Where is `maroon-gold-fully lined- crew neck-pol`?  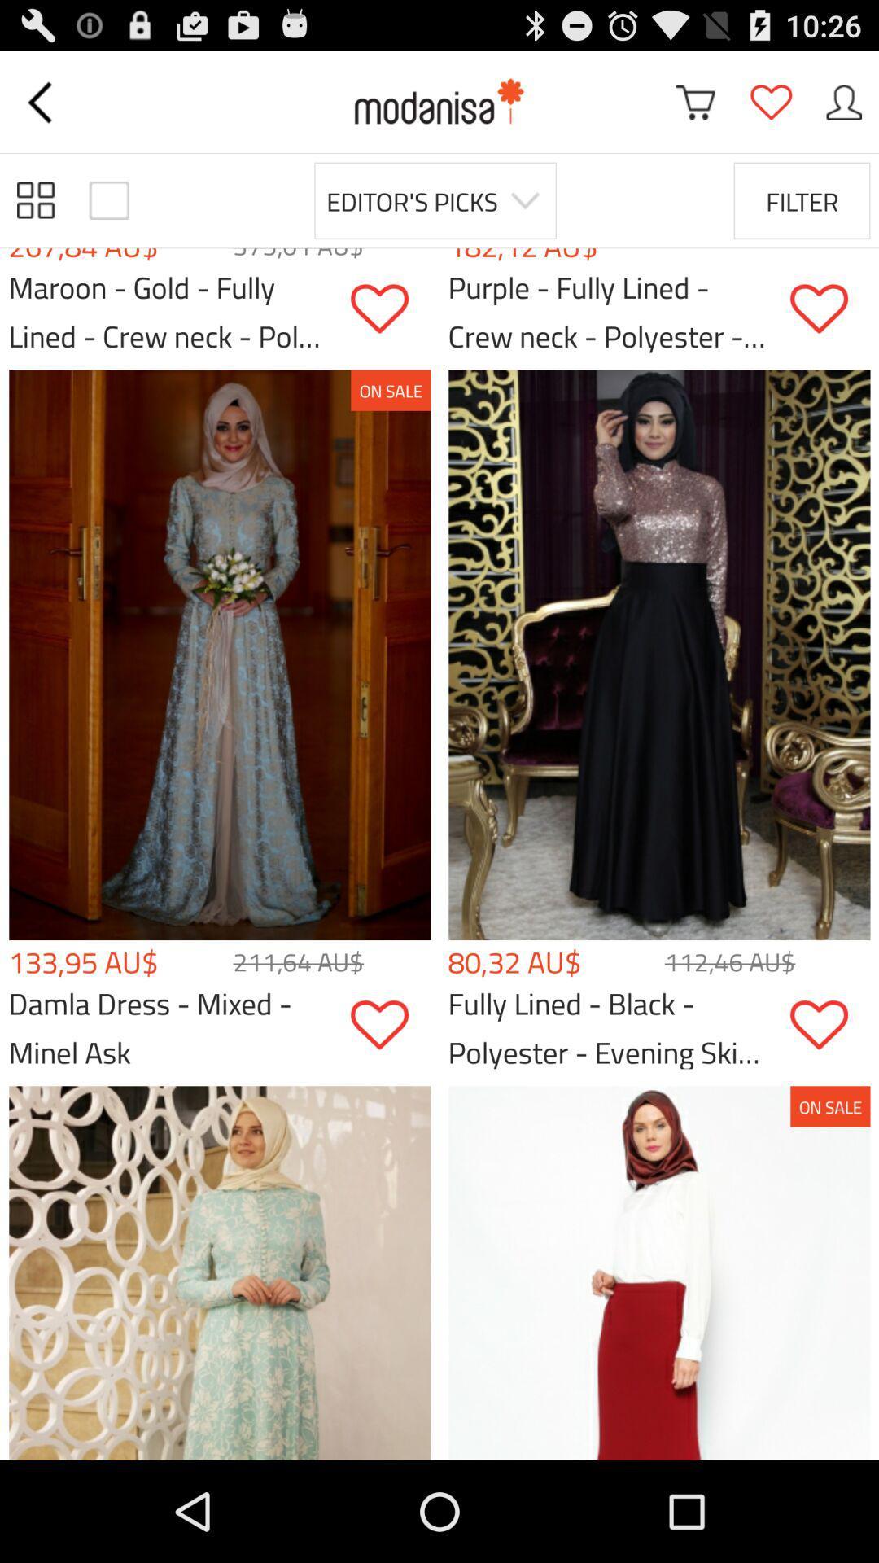 maroon-gold-fully lined- crew neck-pol is located at coordinates (390, 309).